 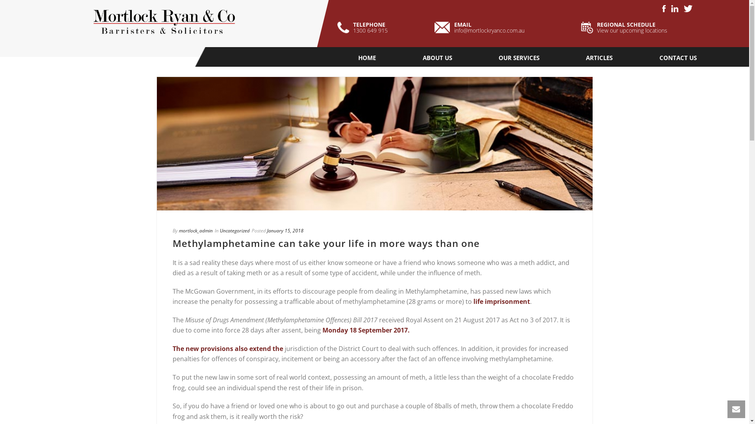 I want to click on 'regional_schedule', so click(x=587, y=27).